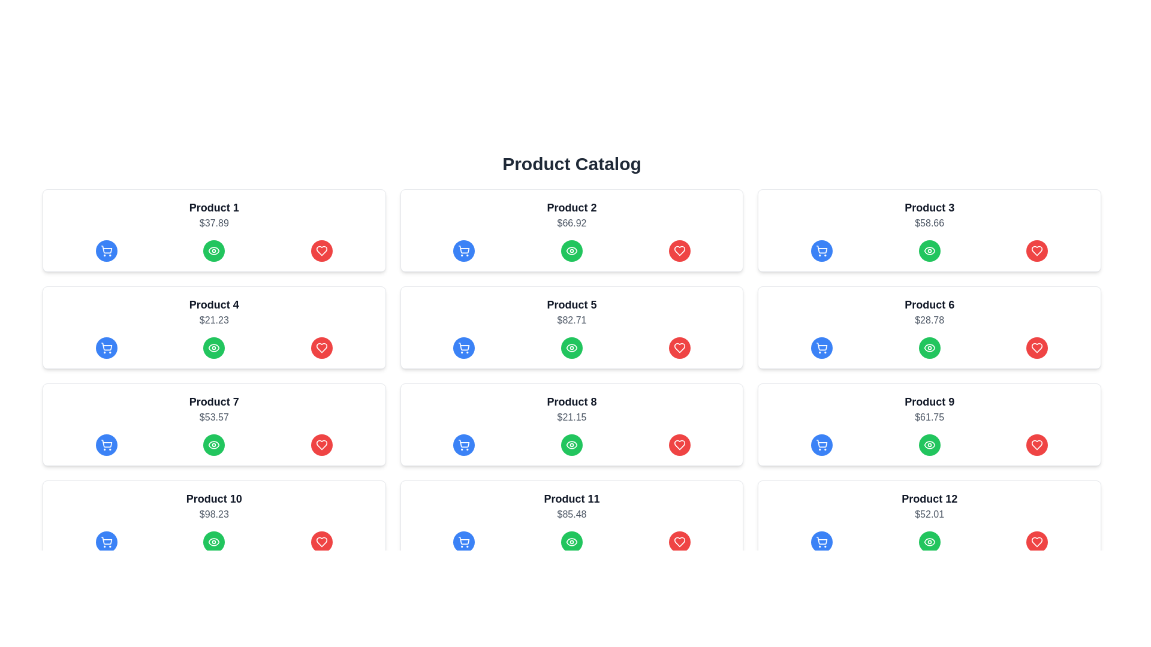  Describe the element at coordinates (1036, 445) in the screenshot. I see `the red heart icon within the 'favorite' button on the product card for 'Product 9'` at that location.